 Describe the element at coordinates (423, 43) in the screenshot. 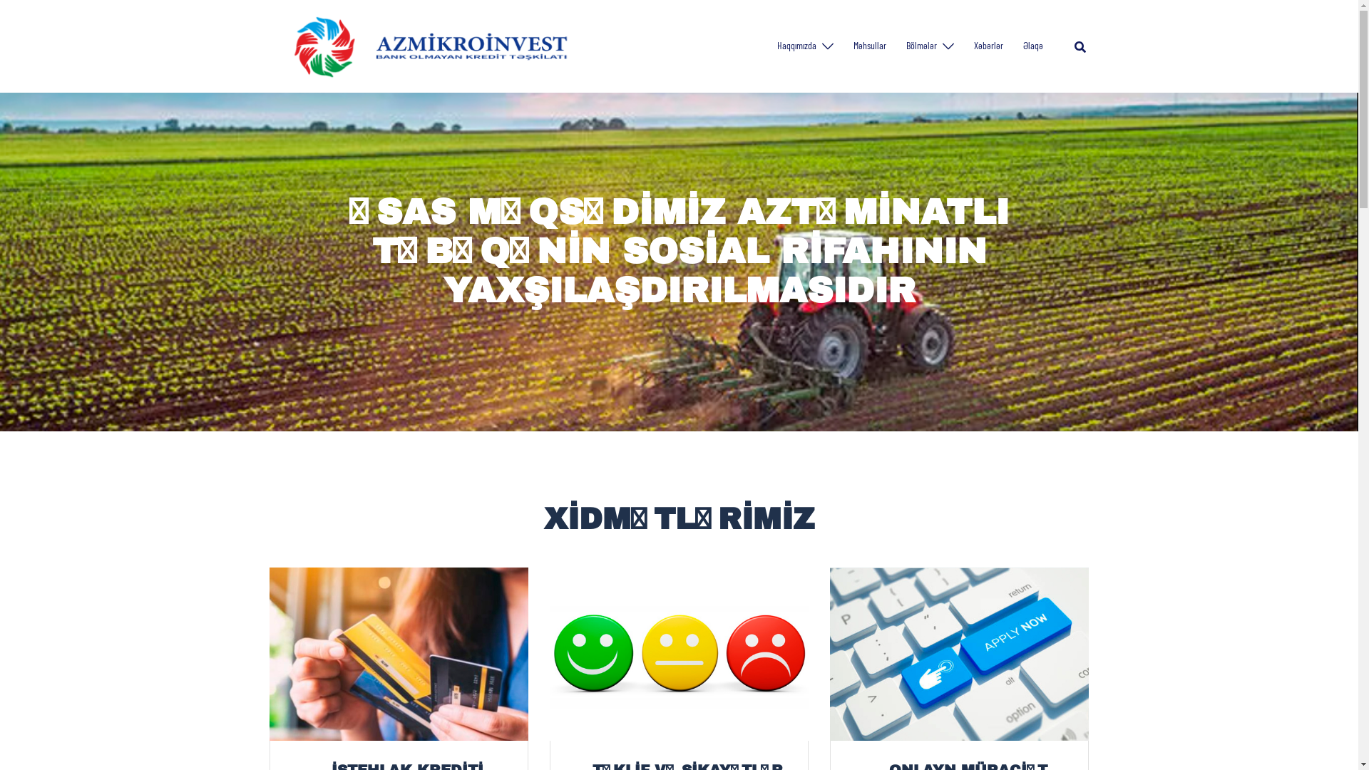

I see `'Azmikroinvest'` at that location.